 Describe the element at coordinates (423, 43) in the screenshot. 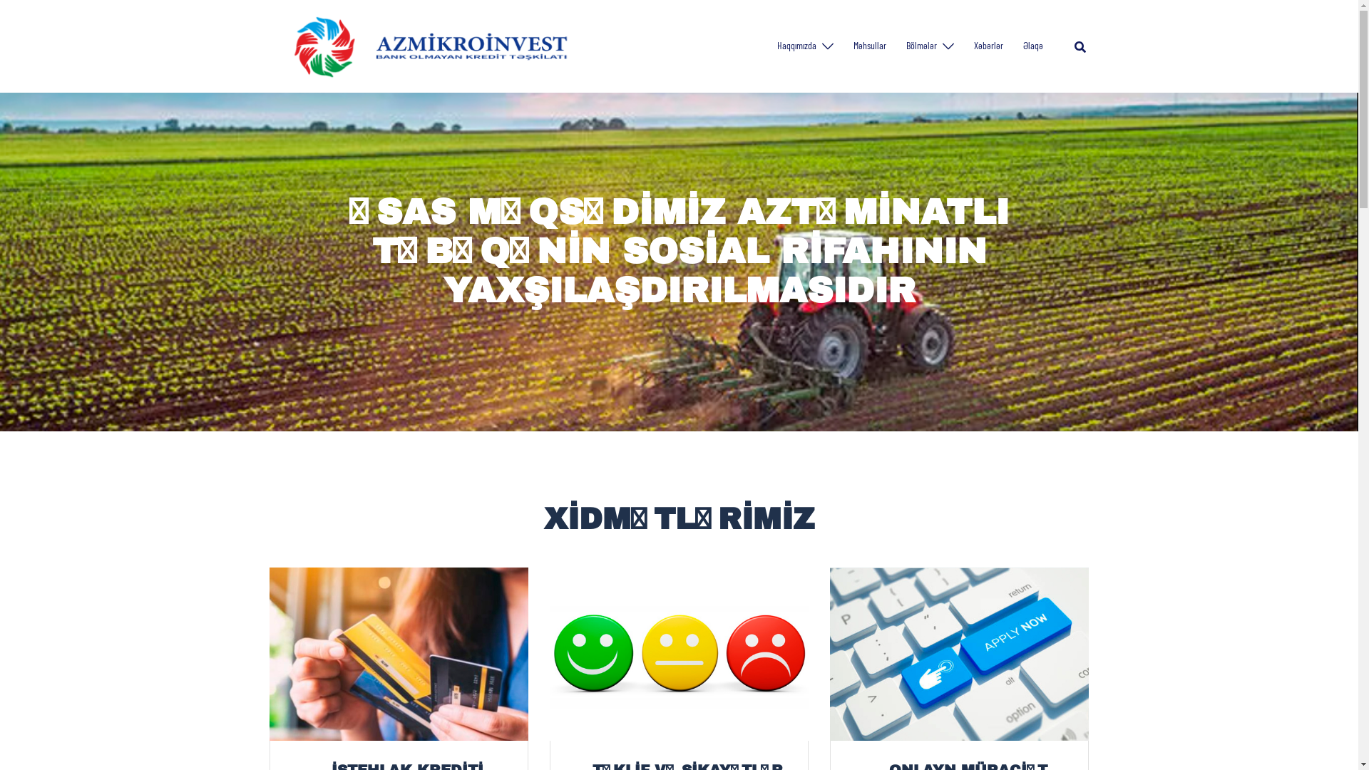

I see `'Azmikroinvest'` at that location.